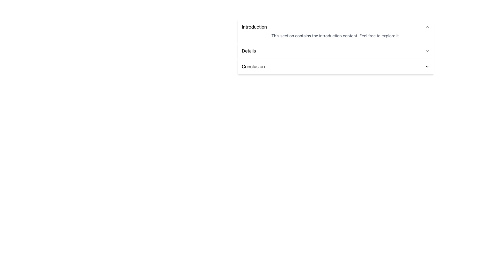 This screenshot has height=278, width=495. What do you see at coordinates (335, 66) in the screenshot?
I see `the 'Conclusion' dropdown toggle` at bounding box center [335, 66].